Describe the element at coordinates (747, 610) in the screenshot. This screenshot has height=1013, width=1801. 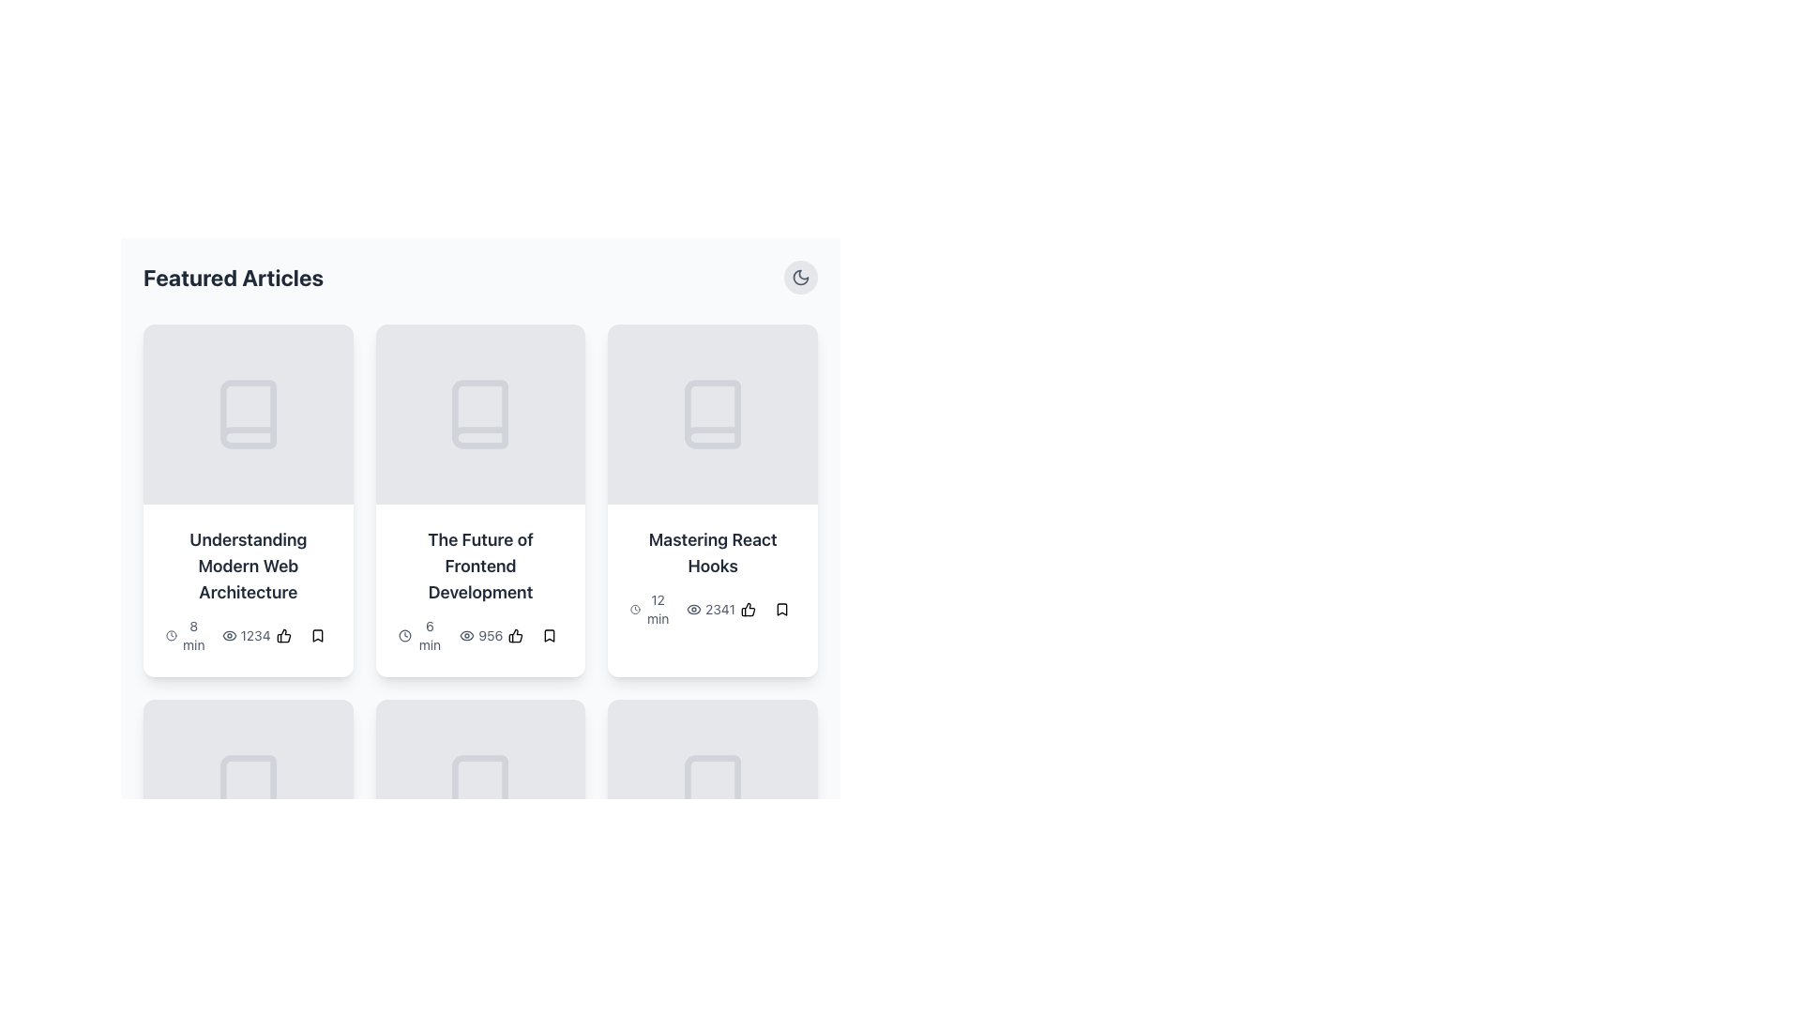
I see `the rounded button with a thumbs-up icon located in the interactive toolbar below the 'Mastering React Hooks' article card for accessibility navigation` at that location.